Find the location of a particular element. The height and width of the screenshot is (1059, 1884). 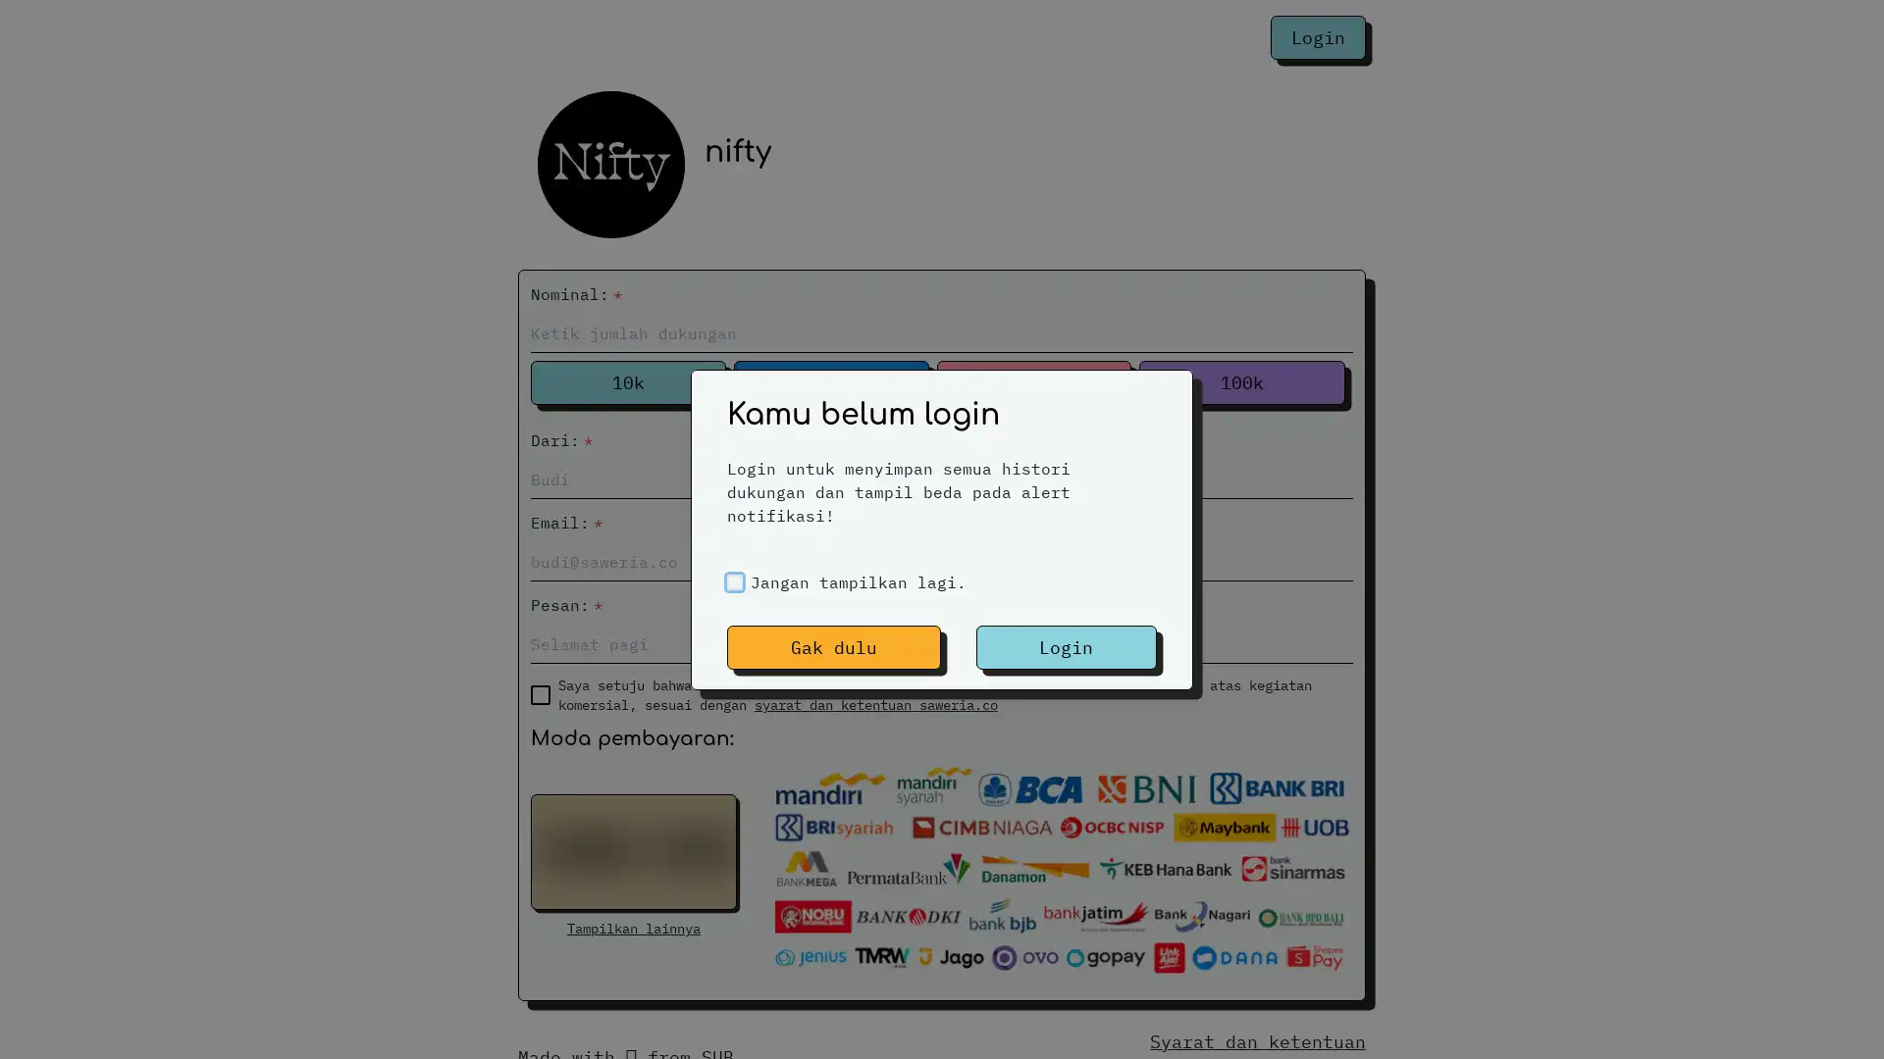

Gak dulu is located at coordinates (833, 646).